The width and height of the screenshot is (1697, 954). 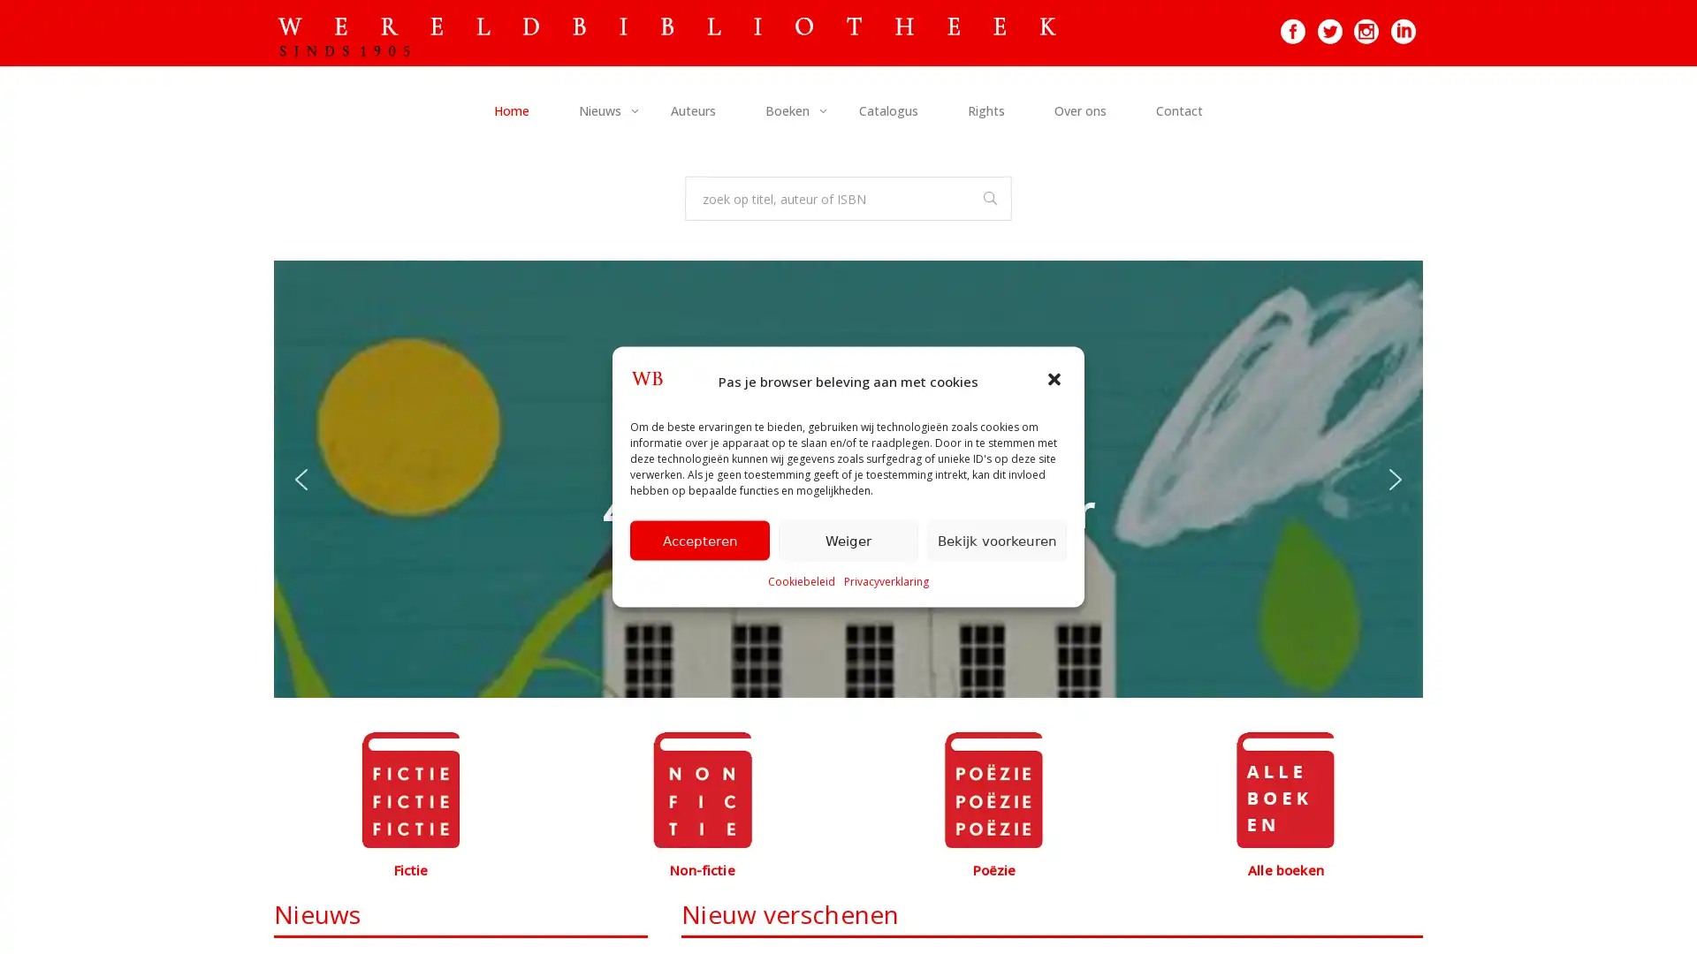 I want to click on Bekijk voorkeuren, so click(x=997, y=539).